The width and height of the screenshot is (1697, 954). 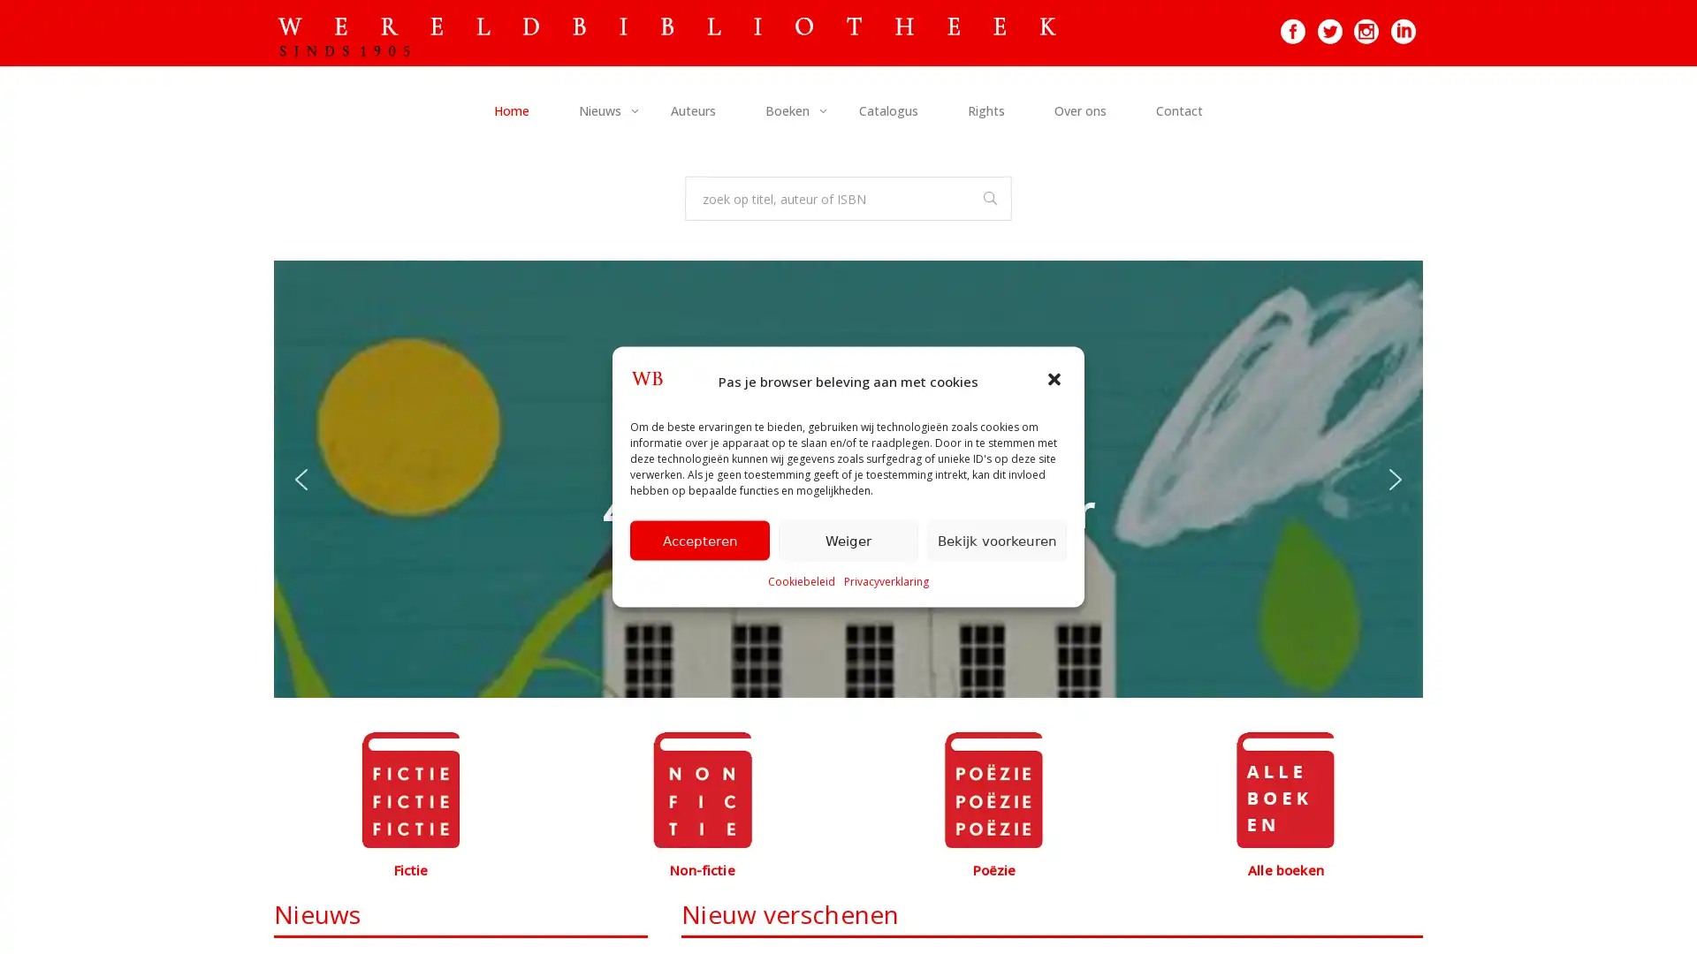 I want to click on Bekijk voorkeuren, so click(x=997, y=539).